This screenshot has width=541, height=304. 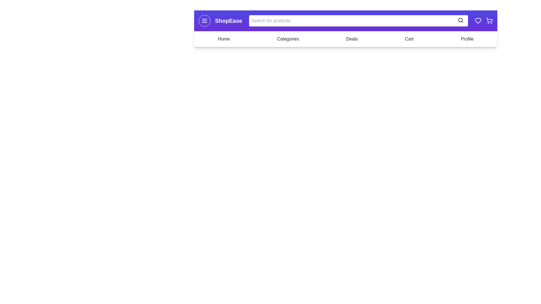 I want to click on the navigation link Deals to navigate to the respective section, so click(x=351, y=39).